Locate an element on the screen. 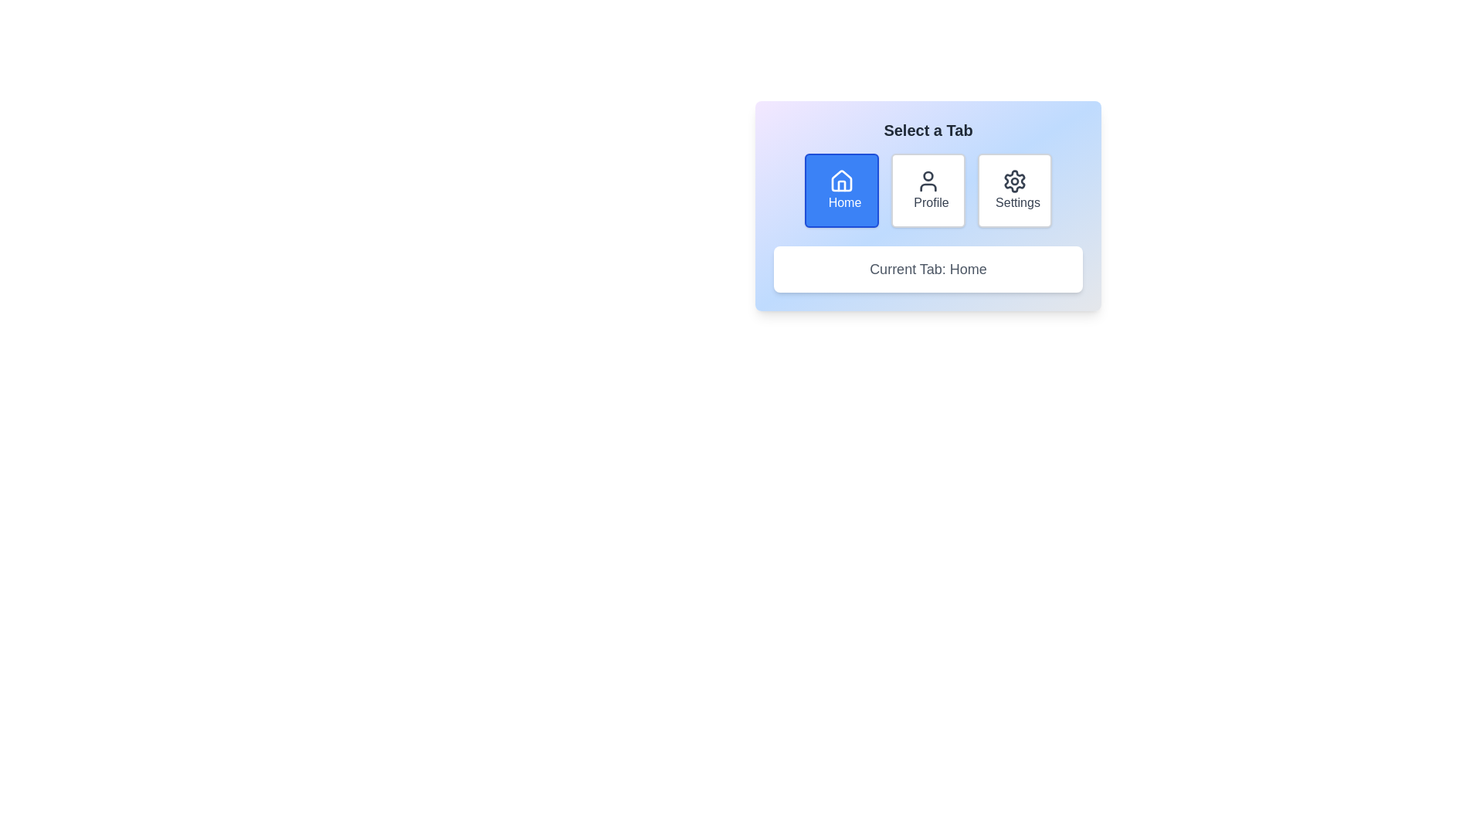  the 'Profile' button, which is the second squared button with a white background and user silhouette icon in the 'Select a Tab' section is located at coordinates (927, 189).